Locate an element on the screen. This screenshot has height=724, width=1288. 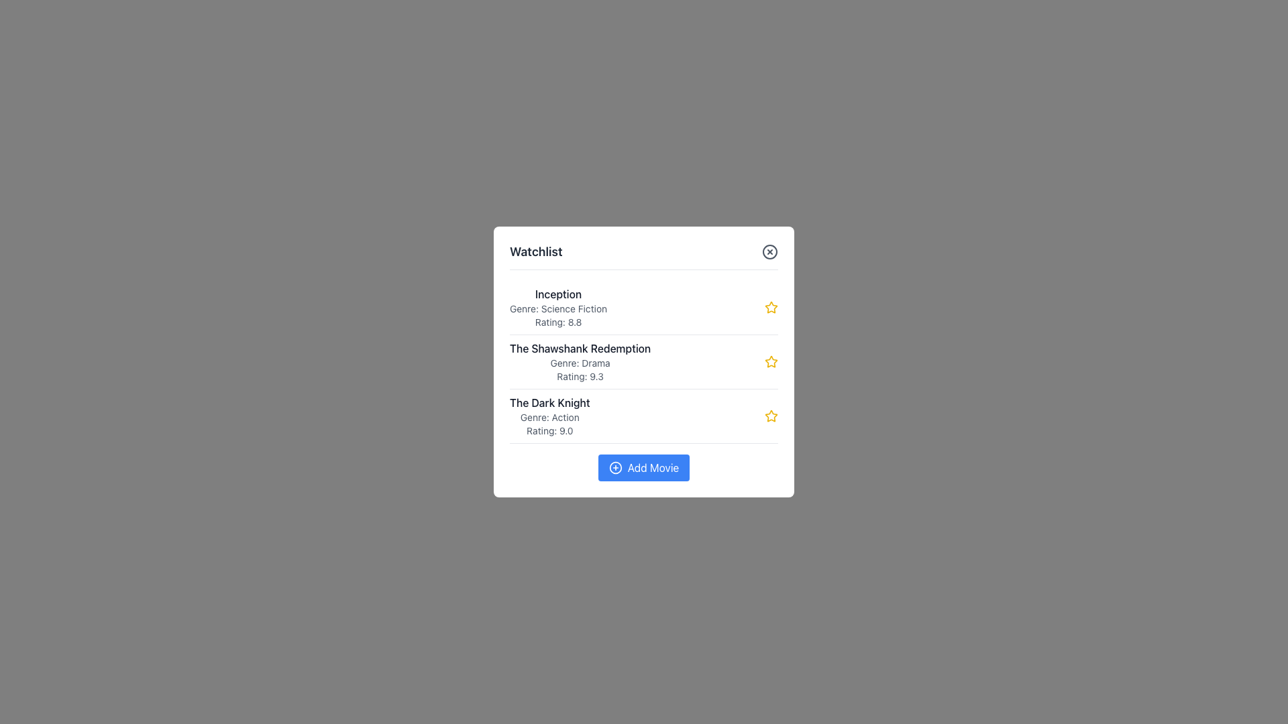
the central circular graphic component that enhances the button's iconography located at the bottom of the interface is located at coordinates (614, 467).